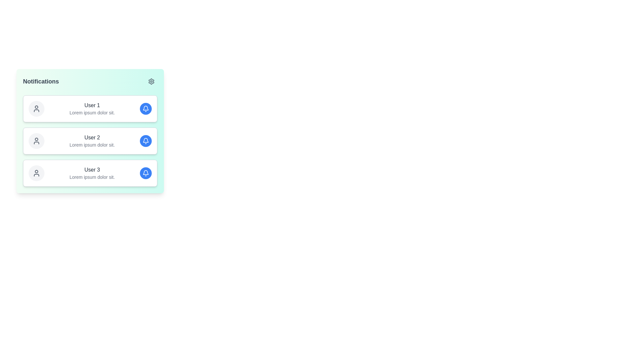 This screenshot has height=355, width=632. Describe the element at coordinates (92, 169) in the screenshot. I see `the Text label representing the associated user's name in the third notification card from the top` at that location.